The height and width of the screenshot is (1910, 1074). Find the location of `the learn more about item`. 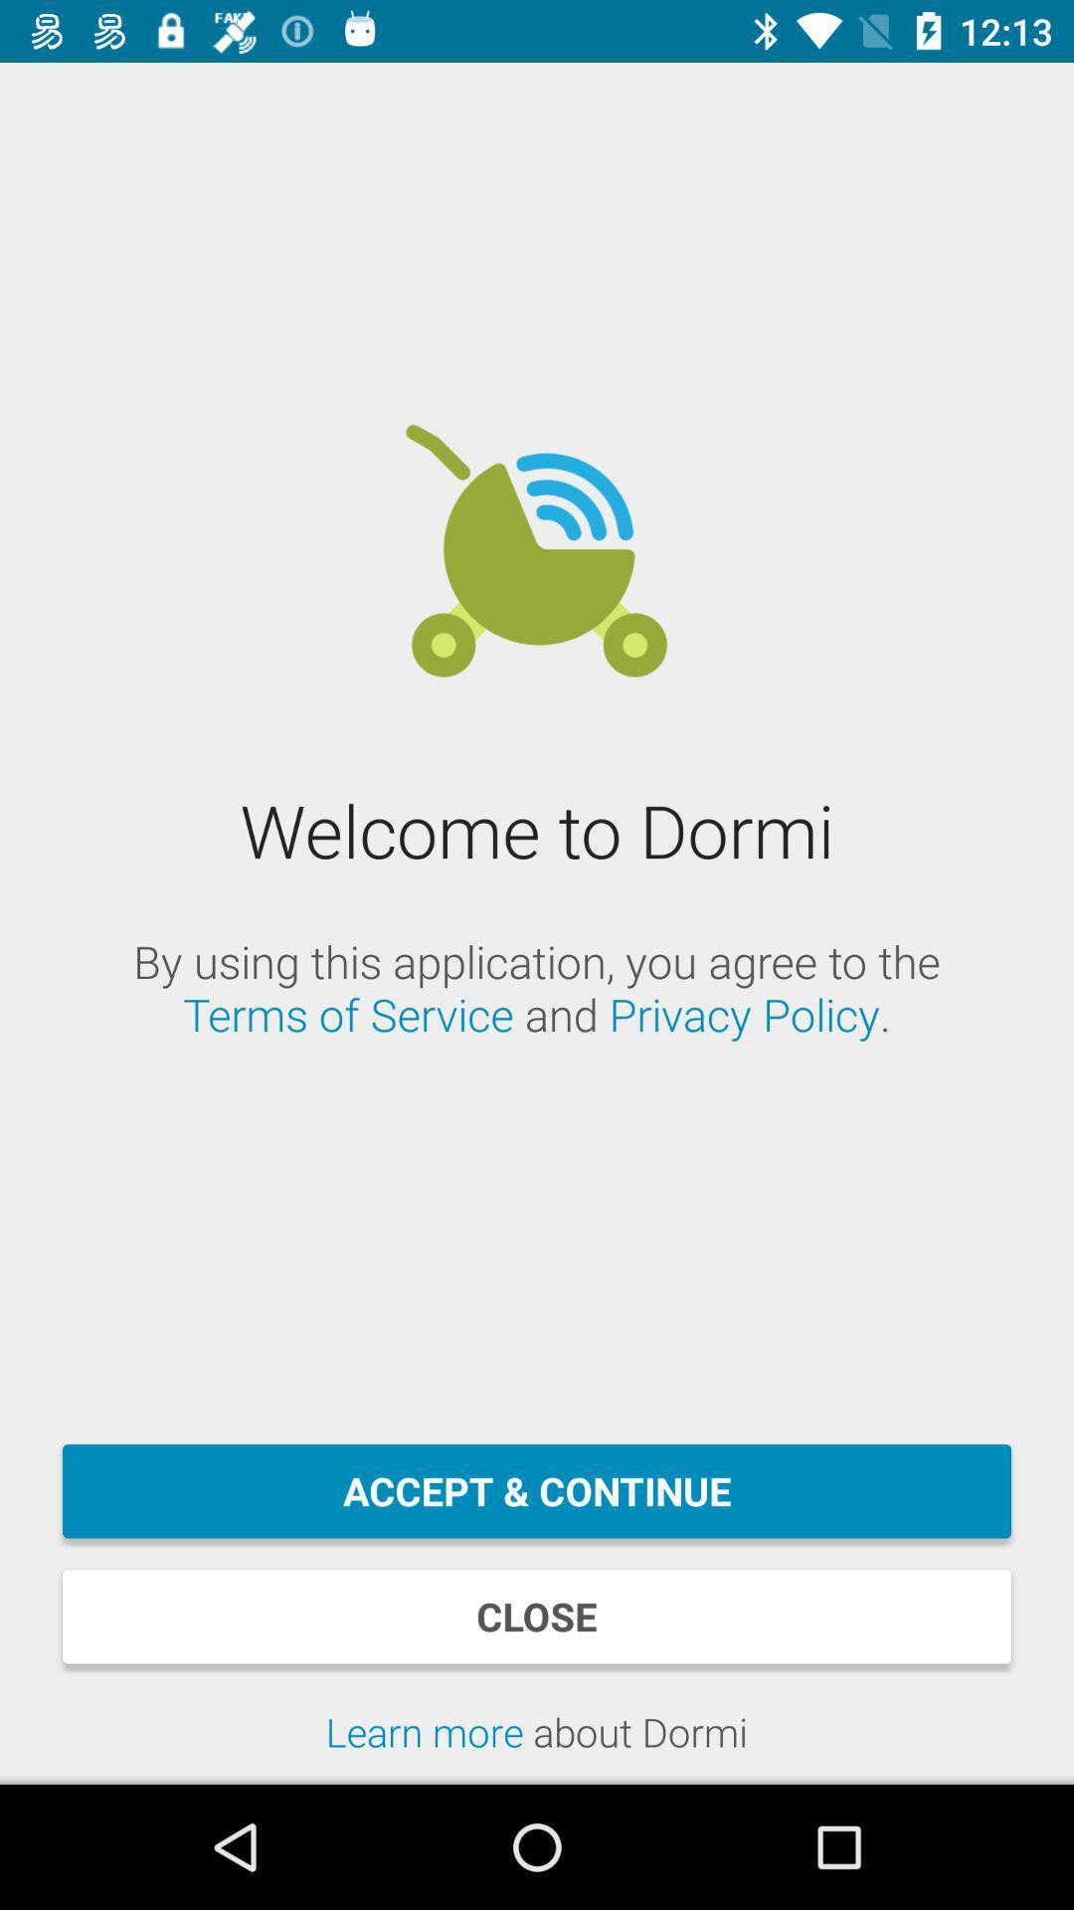

the learn more about item is located at coordinates (537, 1744).